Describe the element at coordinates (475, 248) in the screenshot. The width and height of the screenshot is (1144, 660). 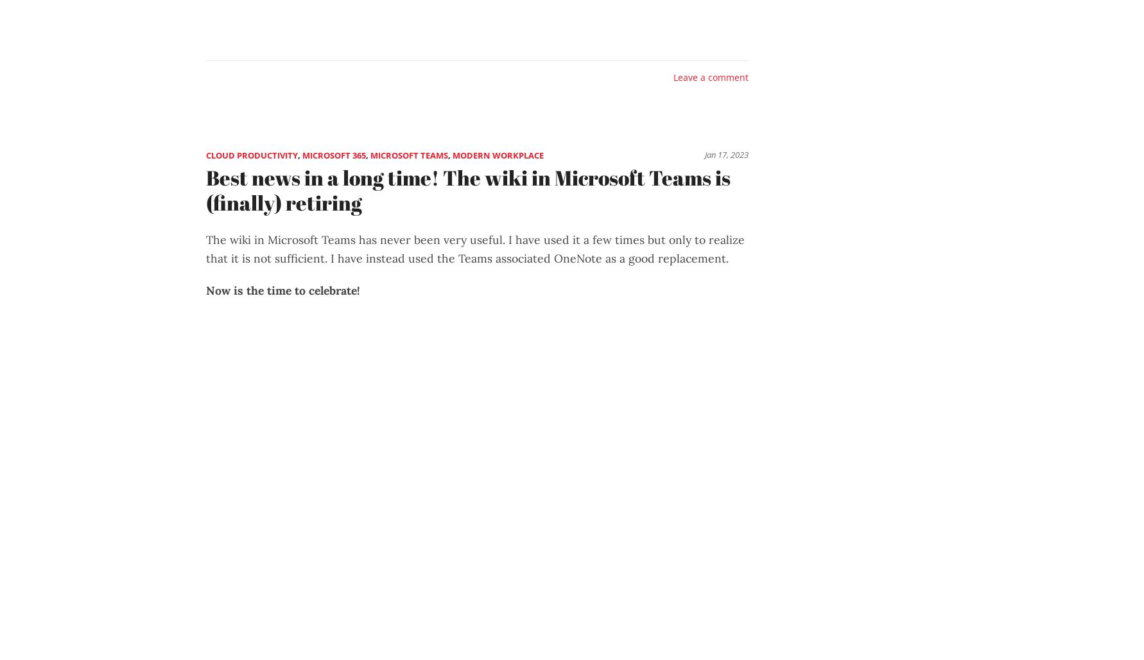
I see `'The wiki in Microsoft Teams has never been very useful. I have used it a few times but only to realize that it is not sufficient. I have instead used the Teams associated OneNote as a good replacement.'` at that location.